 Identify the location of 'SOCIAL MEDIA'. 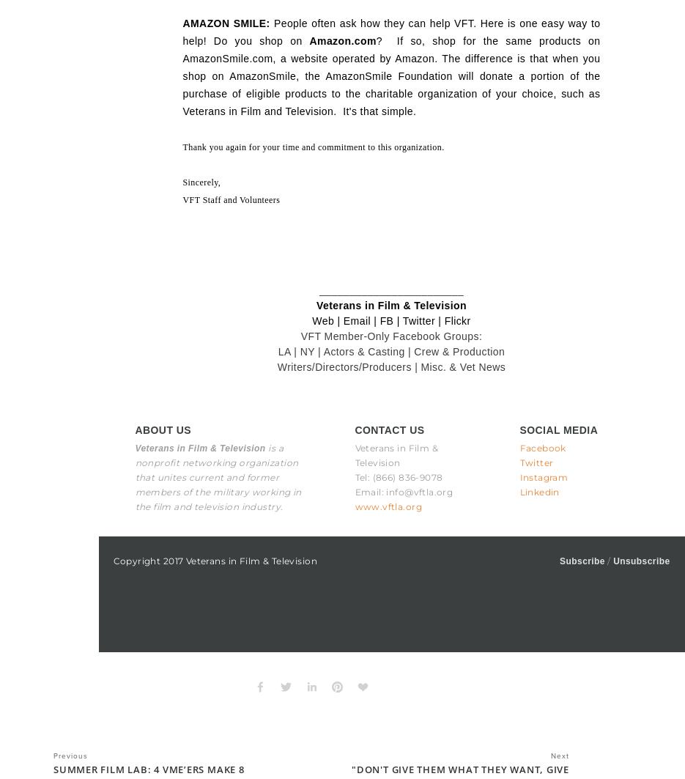
(558, 429).